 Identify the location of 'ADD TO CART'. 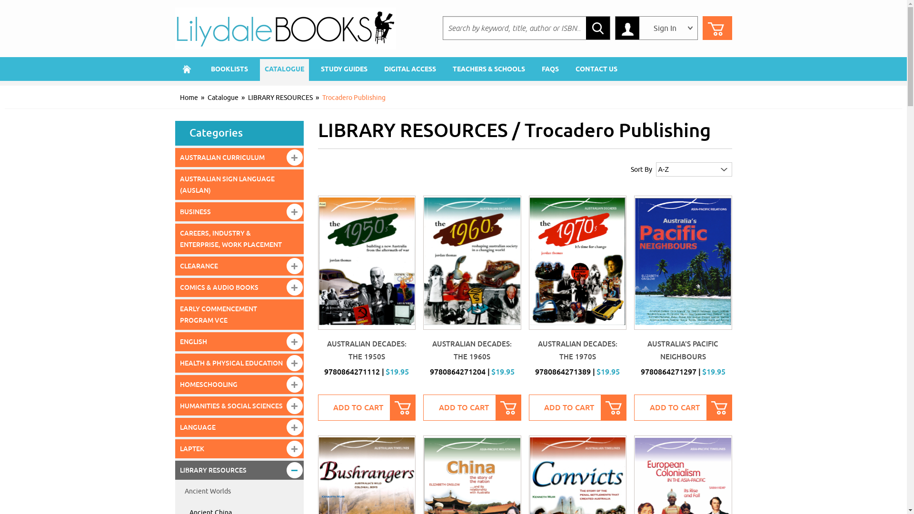
(472, 407).